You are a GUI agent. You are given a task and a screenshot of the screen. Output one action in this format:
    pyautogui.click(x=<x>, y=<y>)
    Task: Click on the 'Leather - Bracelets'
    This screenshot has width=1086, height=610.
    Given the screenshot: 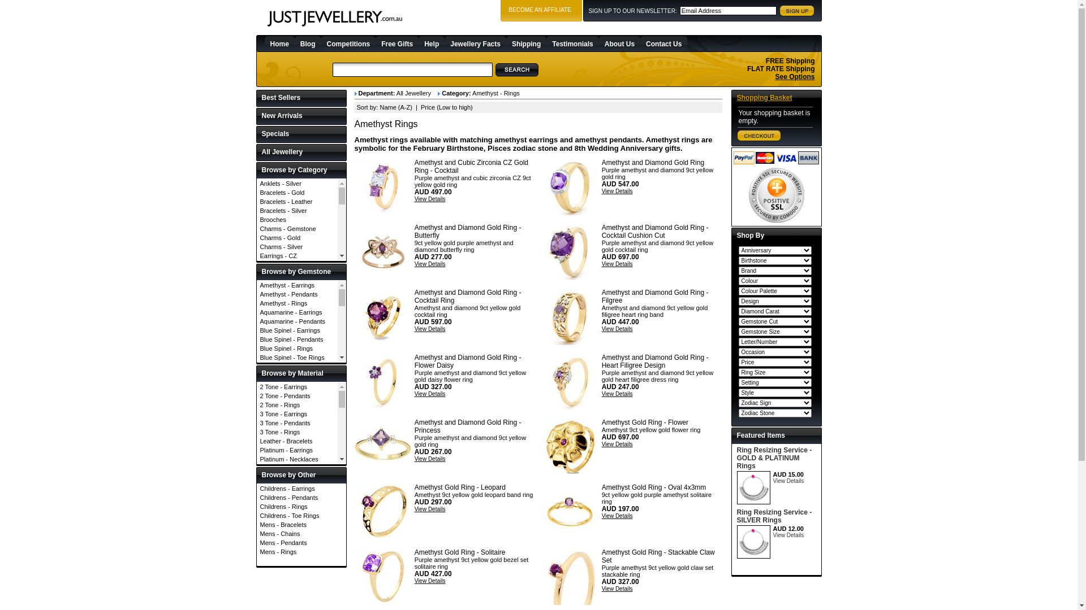 What is the action you would take?
    pyautogui.click(x=297, y=440)
    